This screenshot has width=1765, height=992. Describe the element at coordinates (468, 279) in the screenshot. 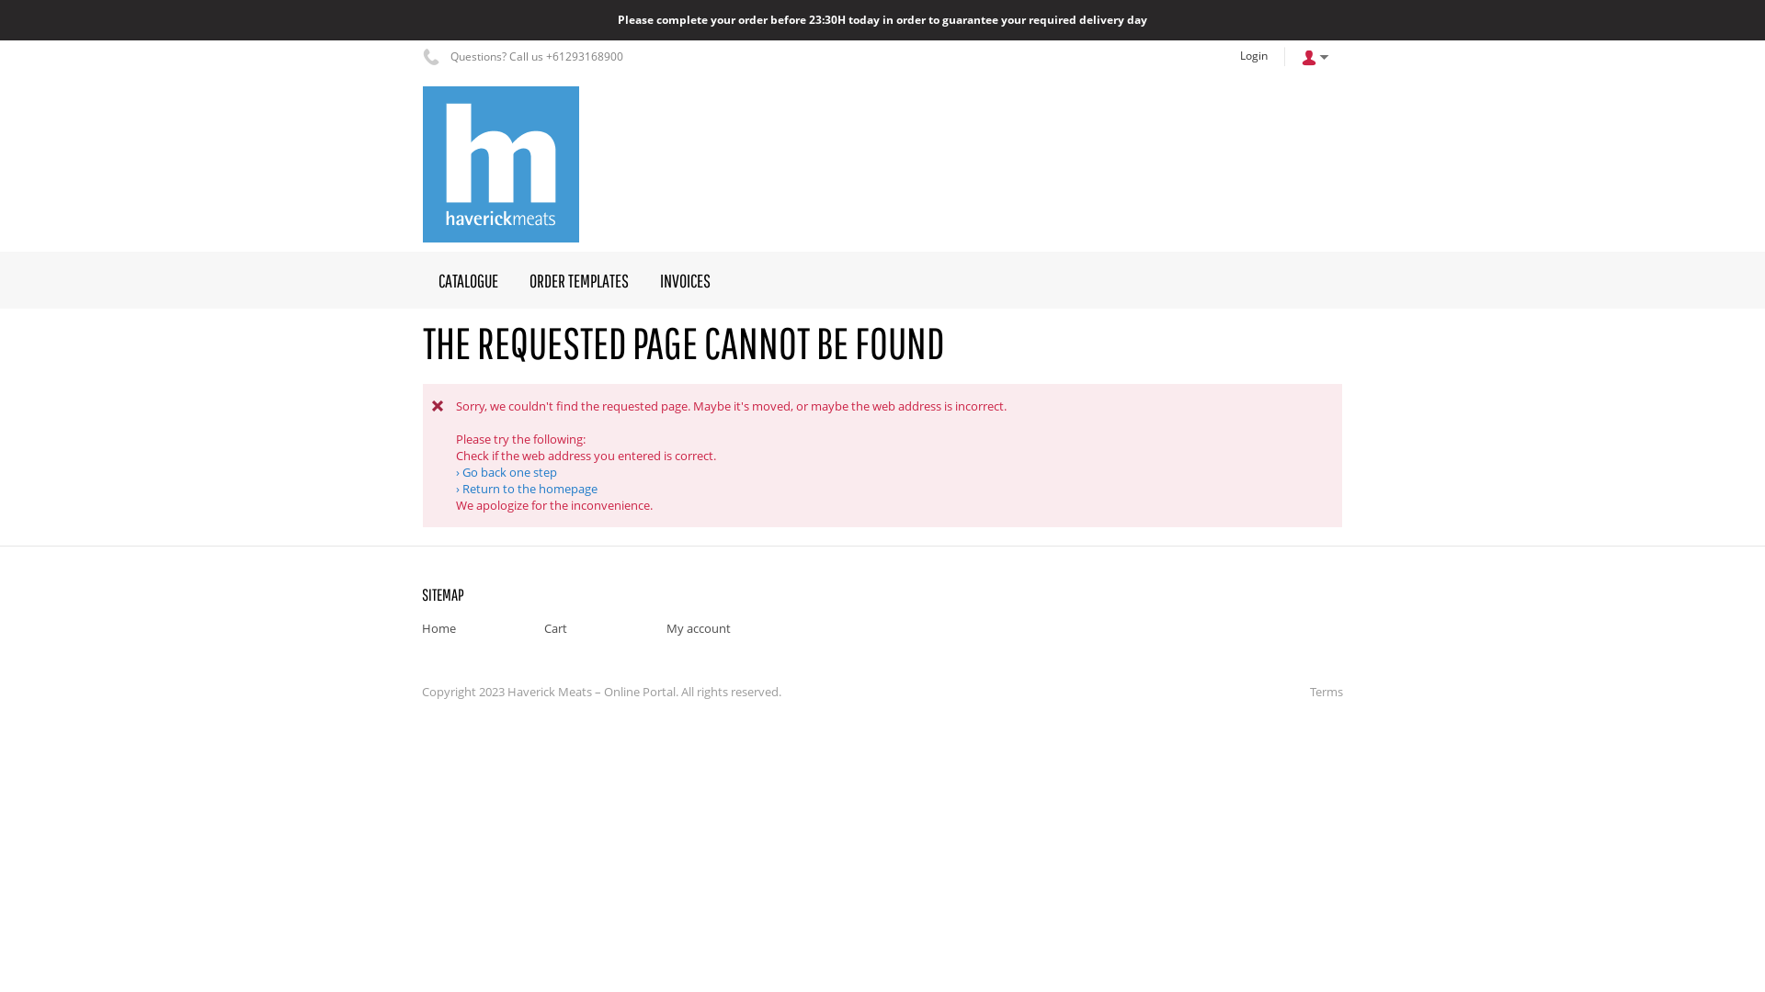

I see `'CATALOGUE'` at that location.